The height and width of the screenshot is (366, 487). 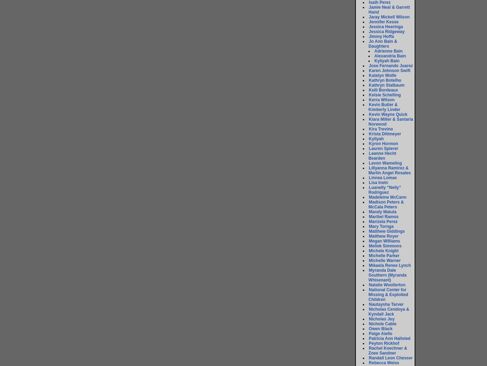 I want to click on 'Karen Johnson Swift', so click(x=389, y=71).